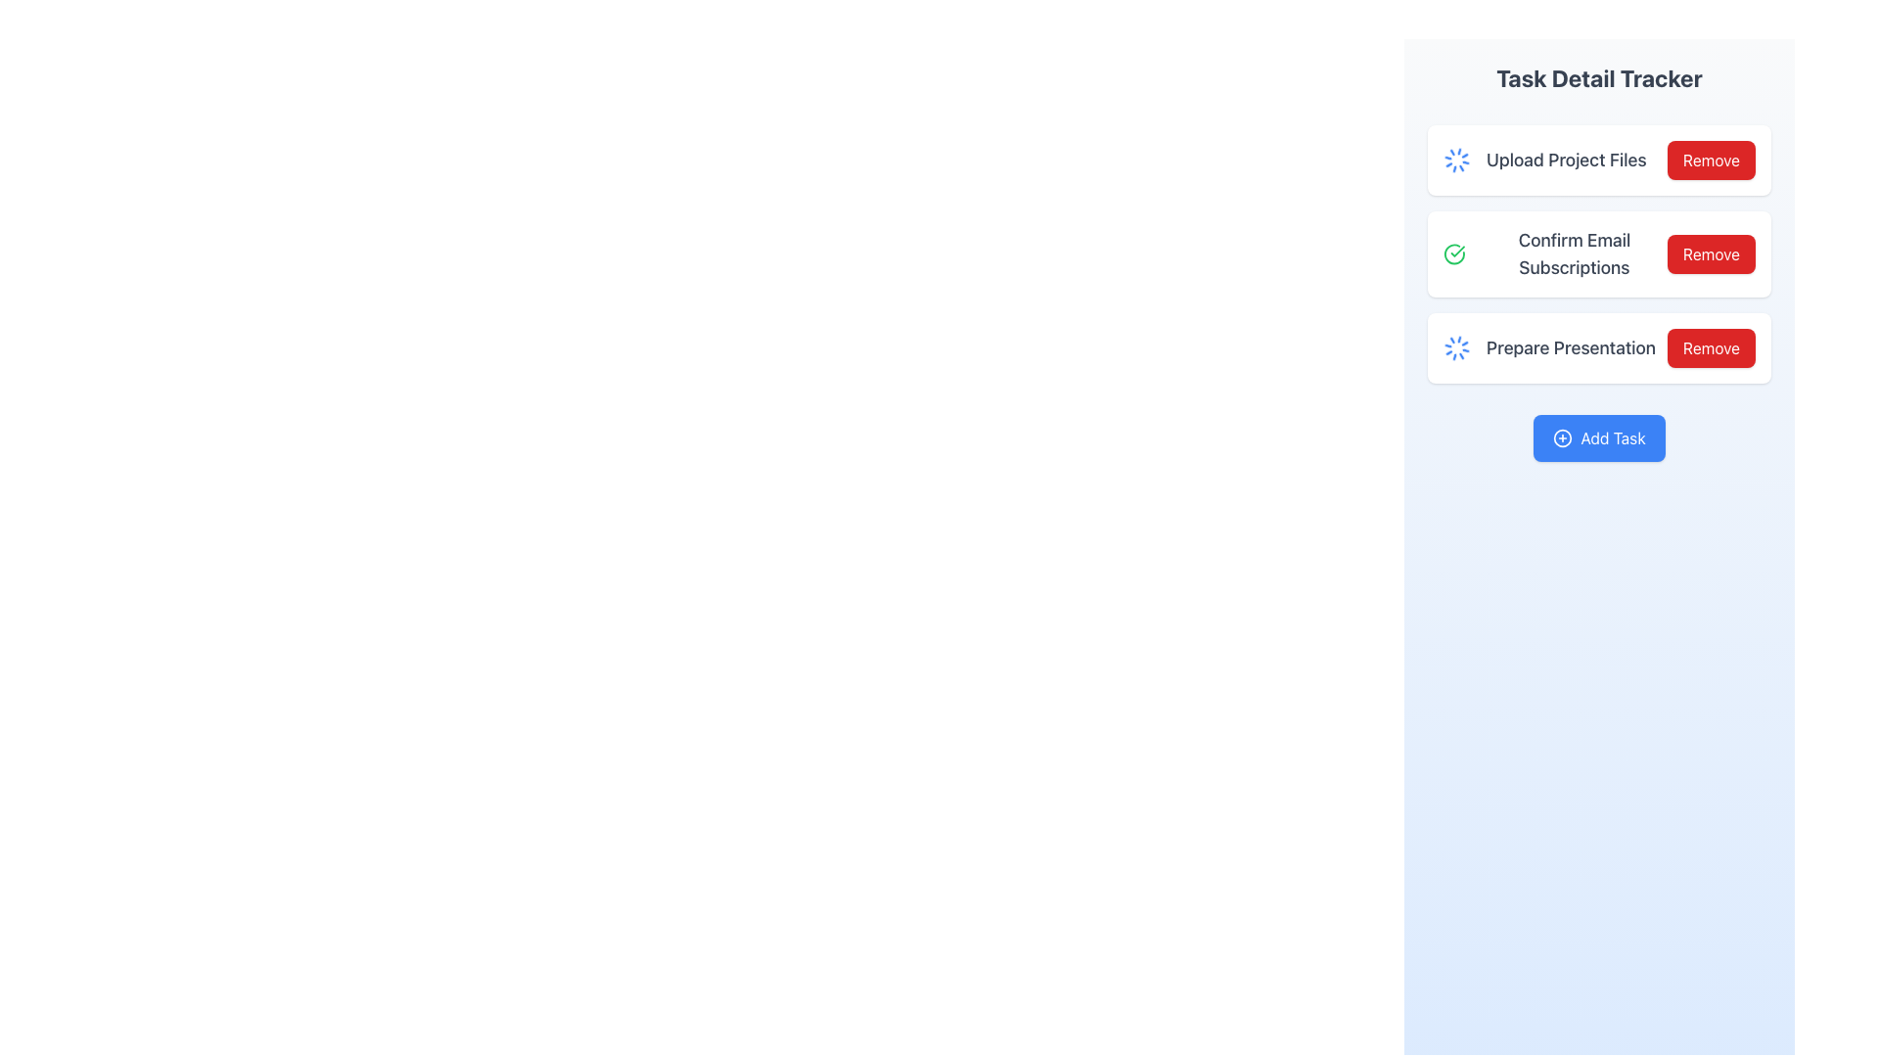  Describe the element at coordinates (1599, 346) in the screenshot. I see `task name 'Prepare Presentation' and its status from the composite component containing a blue spinning loader icon and a red 'Remove' button` at that location.